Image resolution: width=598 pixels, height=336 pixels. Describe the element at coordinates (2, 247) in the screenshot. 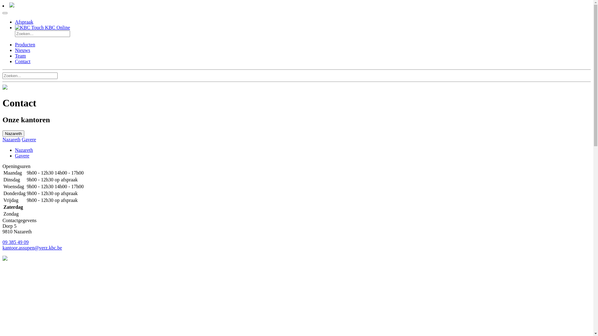

I see `'kantoor.assupen@verz.kbc.be'` at that location.